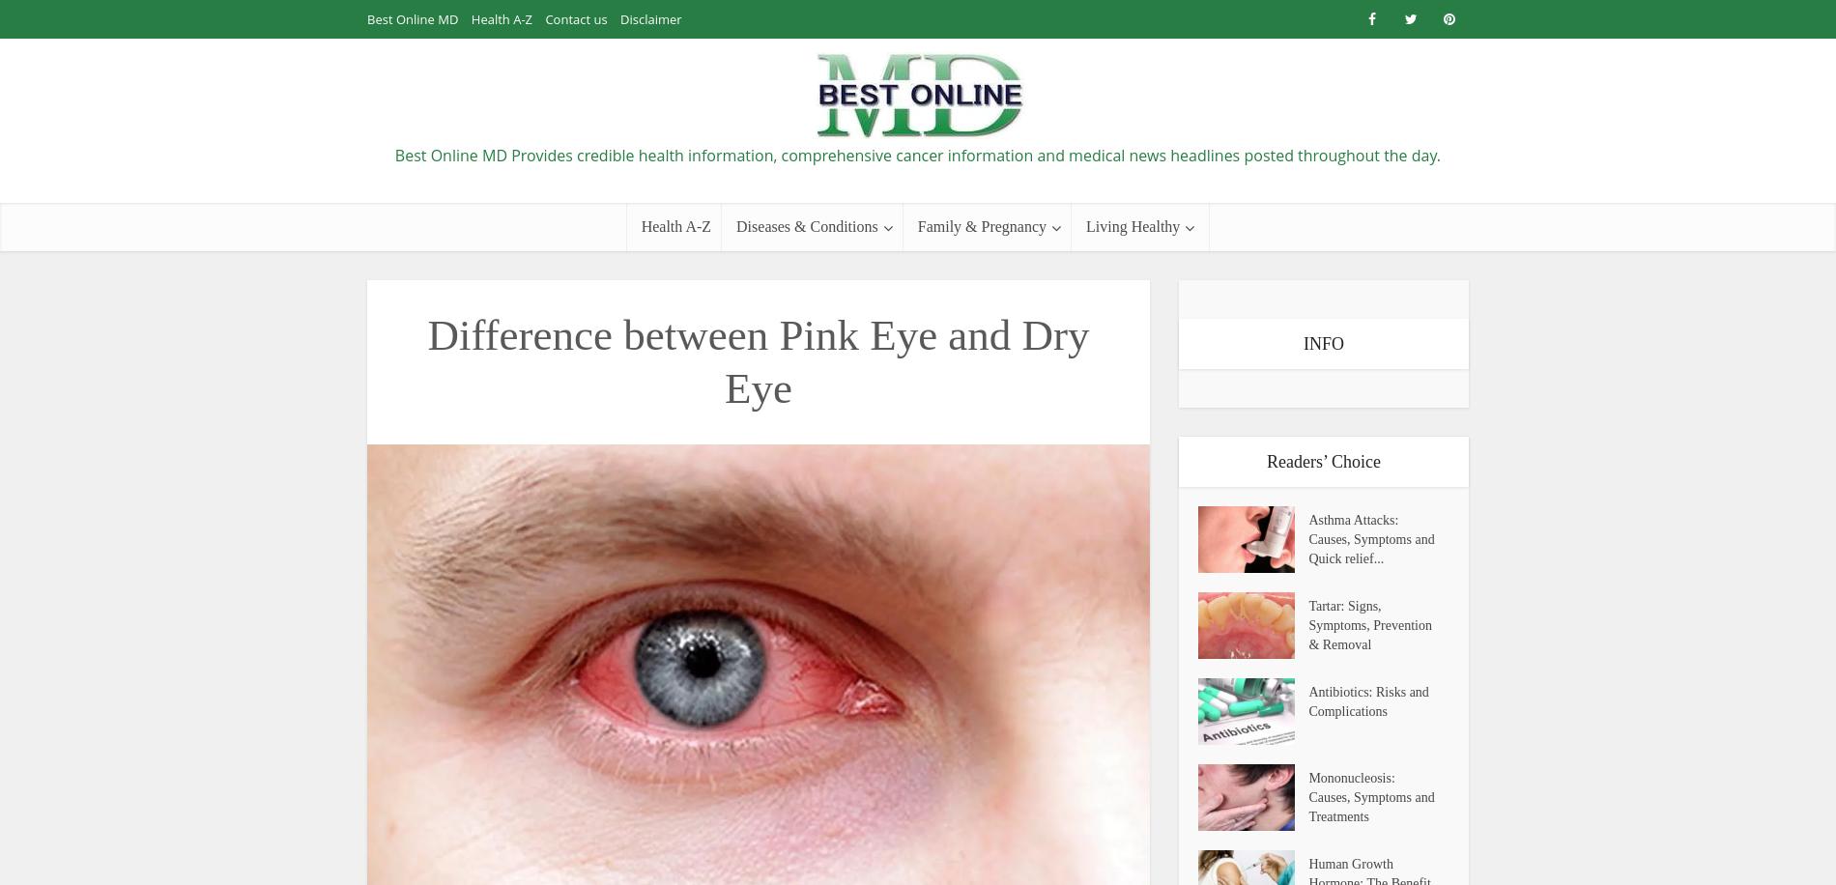 The height and width of the screenshot is (885, 1836). What do you see at coordinates (1107, 274) in the screenshot?
I see `'First Aid'` at bounding box center [1107, 274].